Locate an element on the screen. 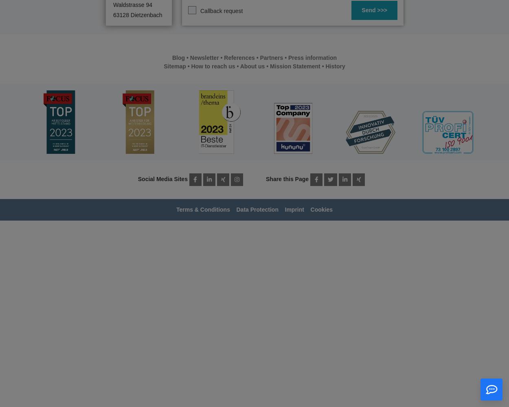 The image size is (509, 407). 'Cookies' is located at coordinates (321, 210).